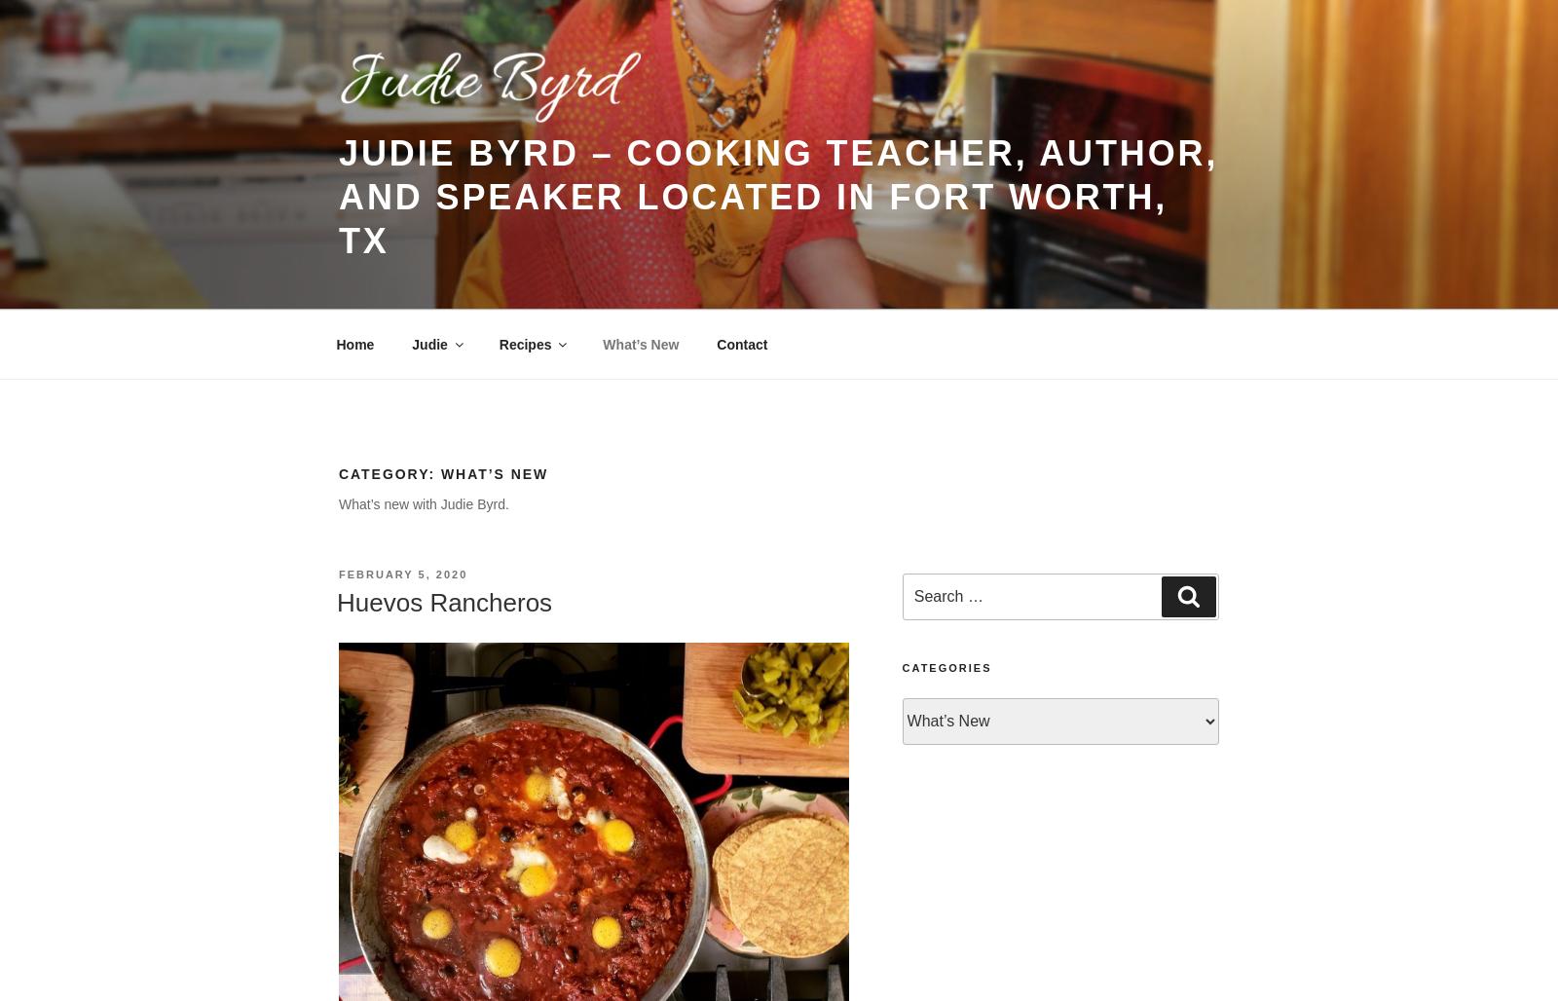  Describe the element at coordinates (742, 343) in the screenshot. I see `'Contact'` at that location.